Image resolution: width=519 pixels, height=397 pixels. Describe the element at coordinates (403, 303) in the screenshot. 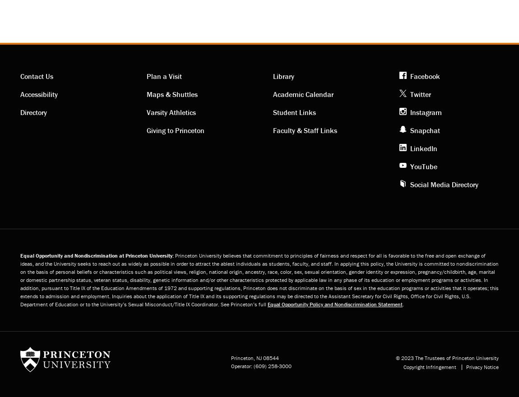

I see `'.'` at that location.